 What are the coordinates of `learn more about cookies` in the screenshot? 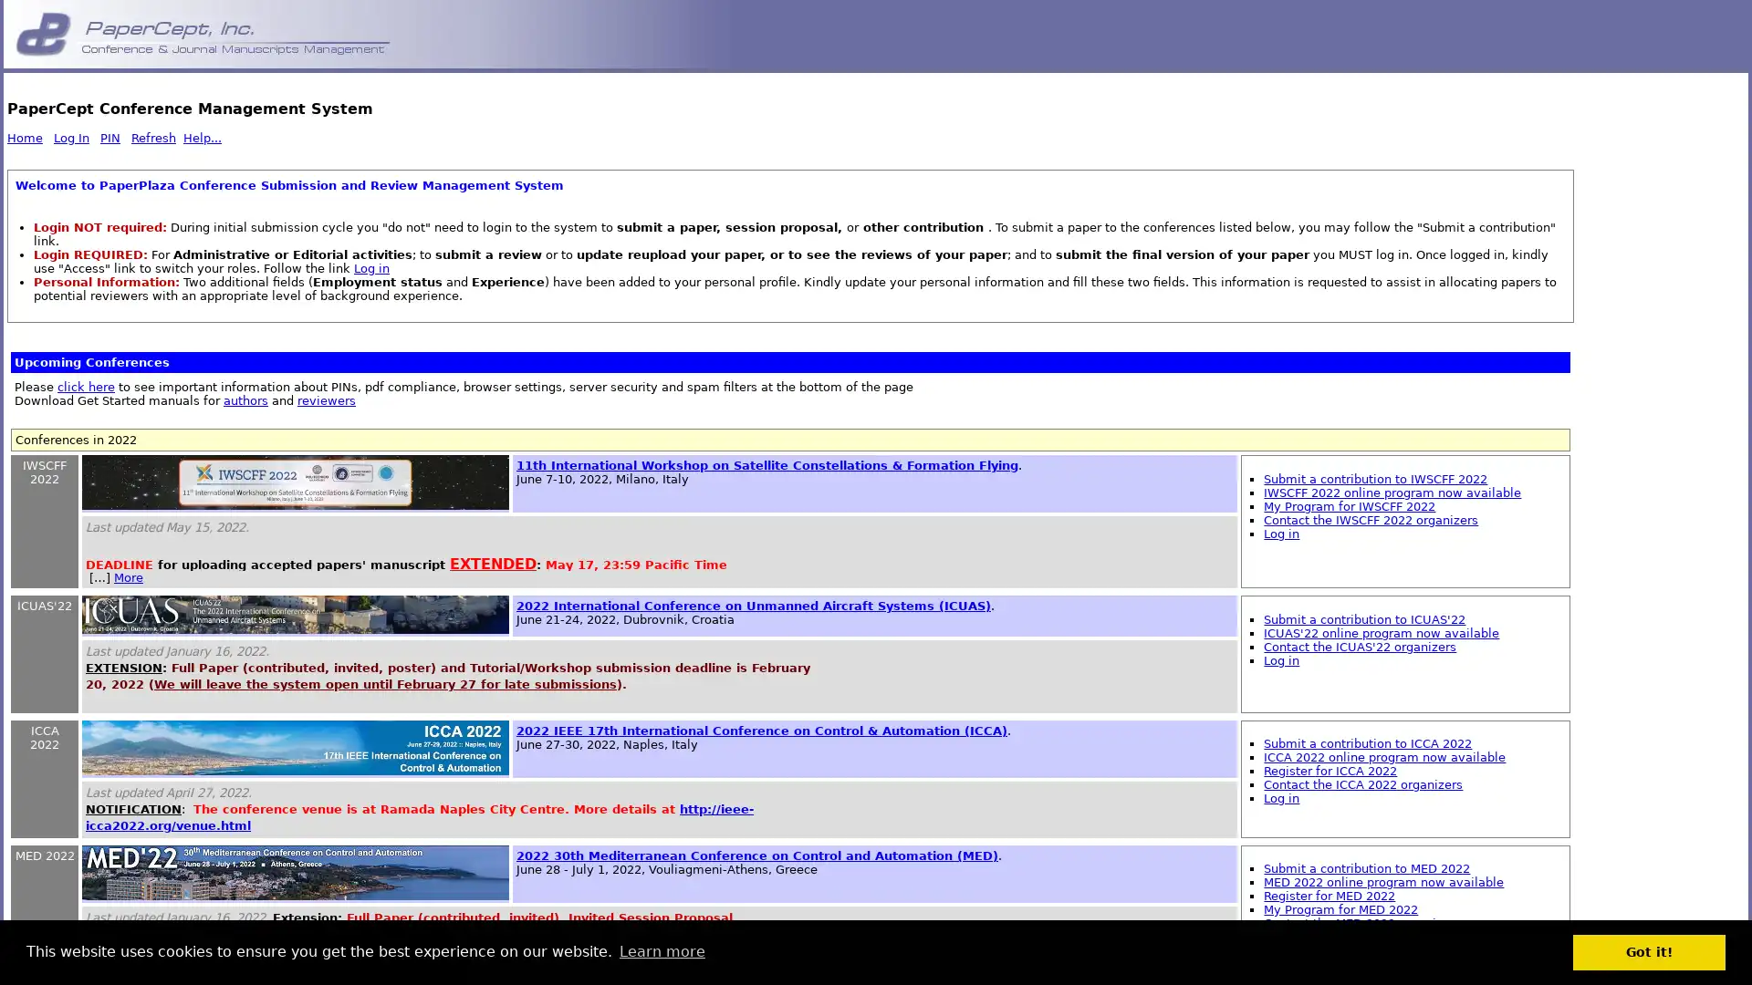 It's located at (661, 951).